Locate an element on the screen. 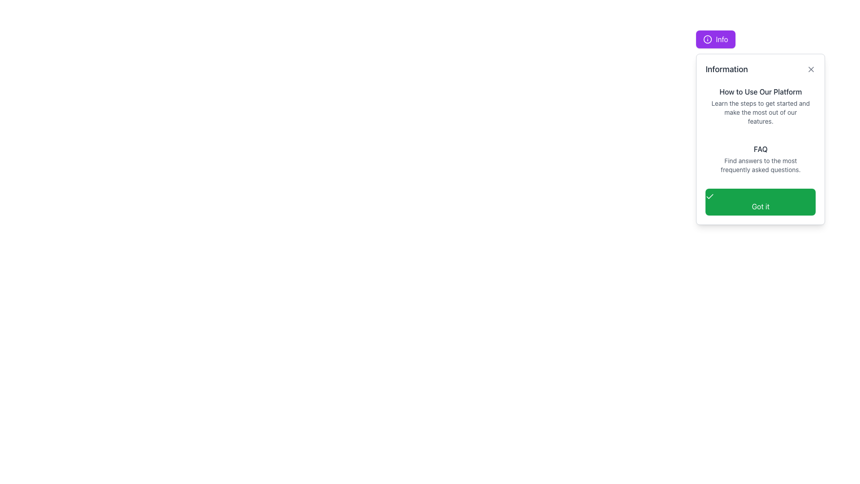 The width and height of the screenshot is (860, 484). the SVG Icon that precedes the 'Info' button, which serves as a visual indicator for providing information or help is located at coordinates (707, 39).